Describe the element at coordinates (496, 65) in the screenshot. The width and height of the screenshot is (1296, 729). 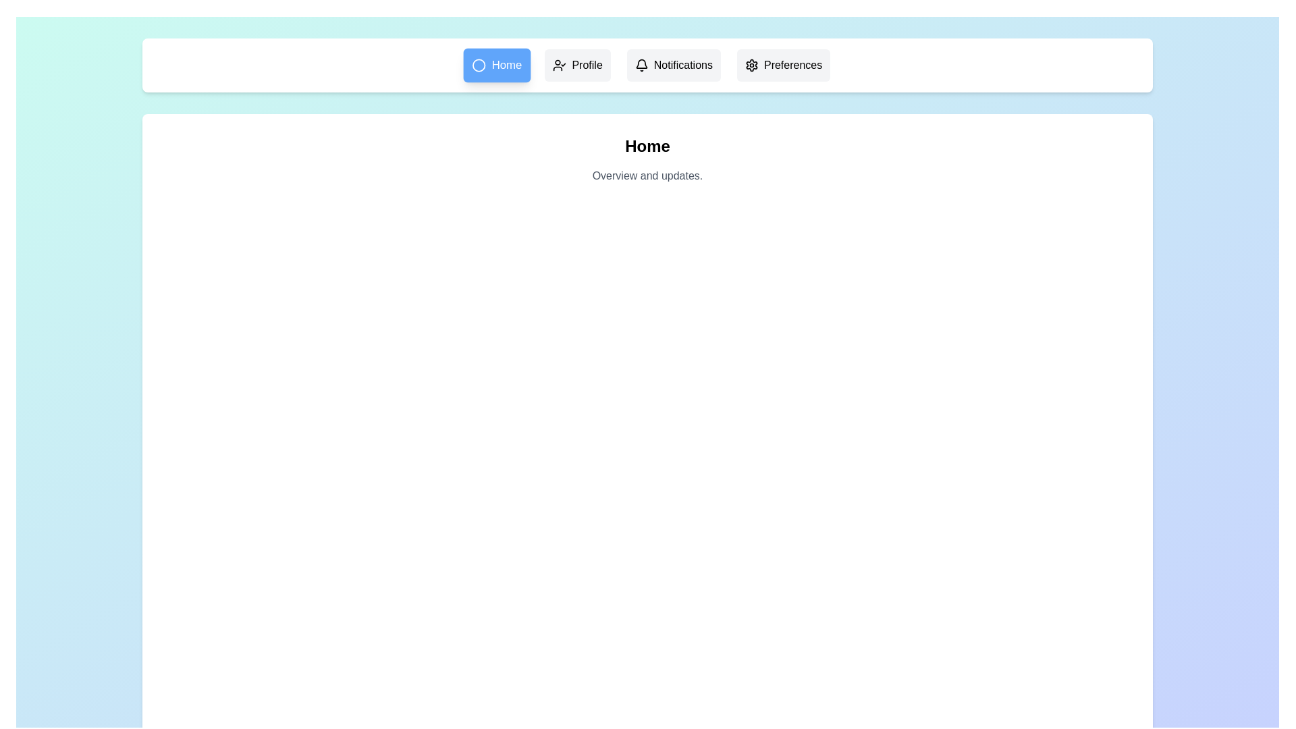
I see `the menu item Home` at that location.